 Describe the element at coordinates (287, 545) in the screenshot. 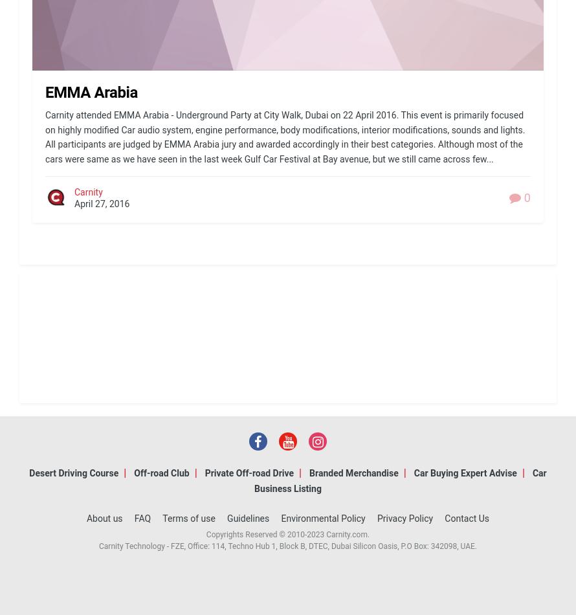

I see `'Carnity Technology - FZE, Office: 114, Techno Hub 1, Block B, DTEC, Dubai Silicon Oasis, P.O Box: 342098, UAE.'` at that location.